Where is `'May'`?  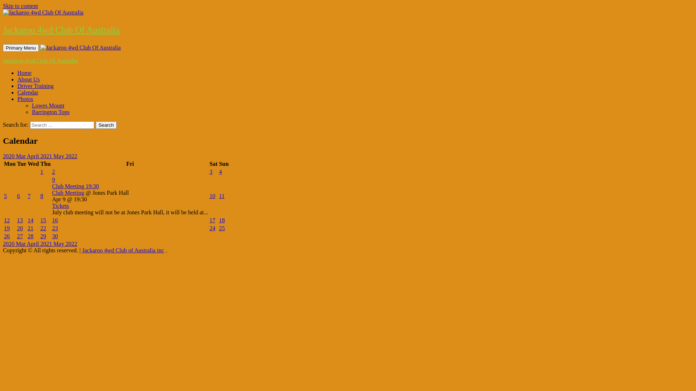
'May' is located at coordinates (59, 156).